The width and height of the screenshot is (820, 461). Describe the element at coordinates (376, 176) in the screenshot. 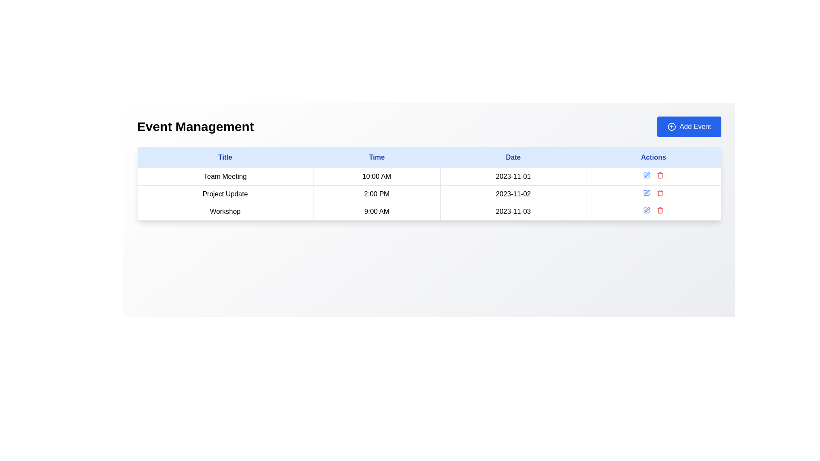

I see `the text display element showing '10:00 AM' located in the 'Time' column of the table` at that location.